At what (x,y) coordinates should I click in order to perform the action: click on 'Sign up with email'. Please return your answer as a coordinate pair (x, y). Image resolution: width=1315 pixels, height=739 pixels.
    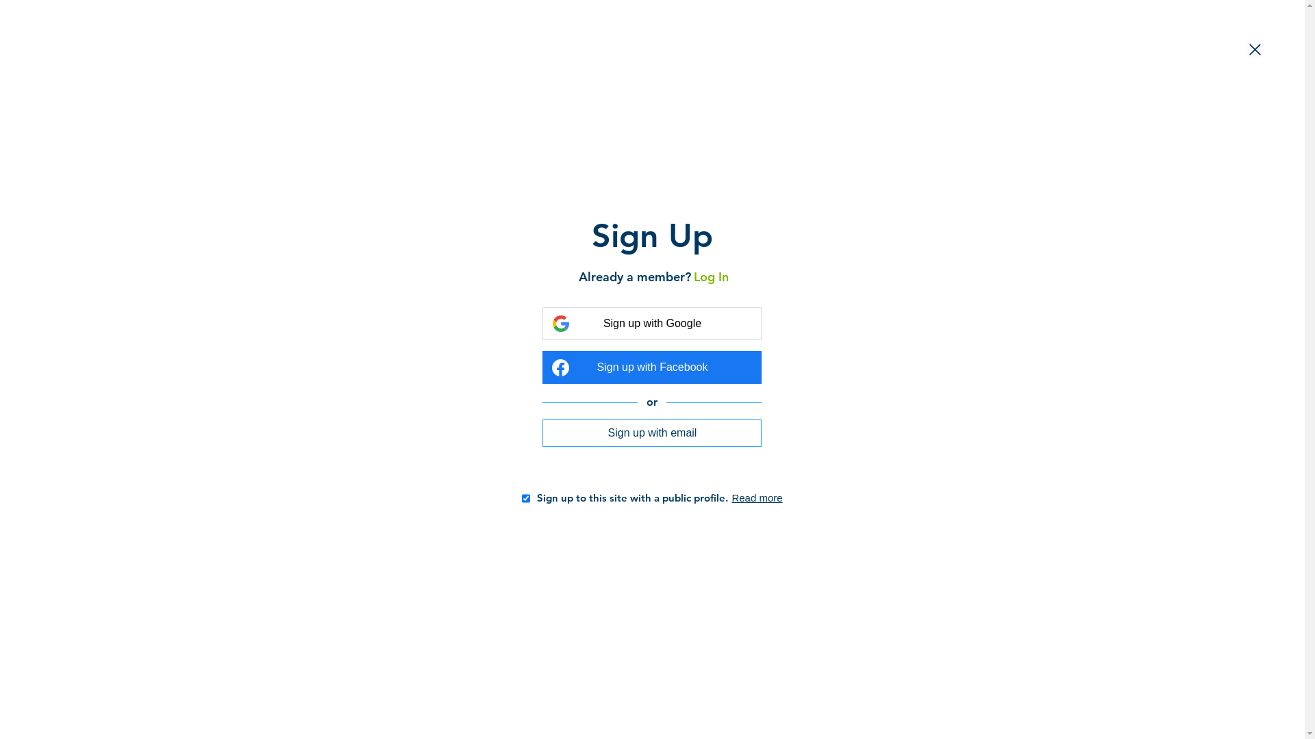
    Looking at the image, I should click on (651, 432).